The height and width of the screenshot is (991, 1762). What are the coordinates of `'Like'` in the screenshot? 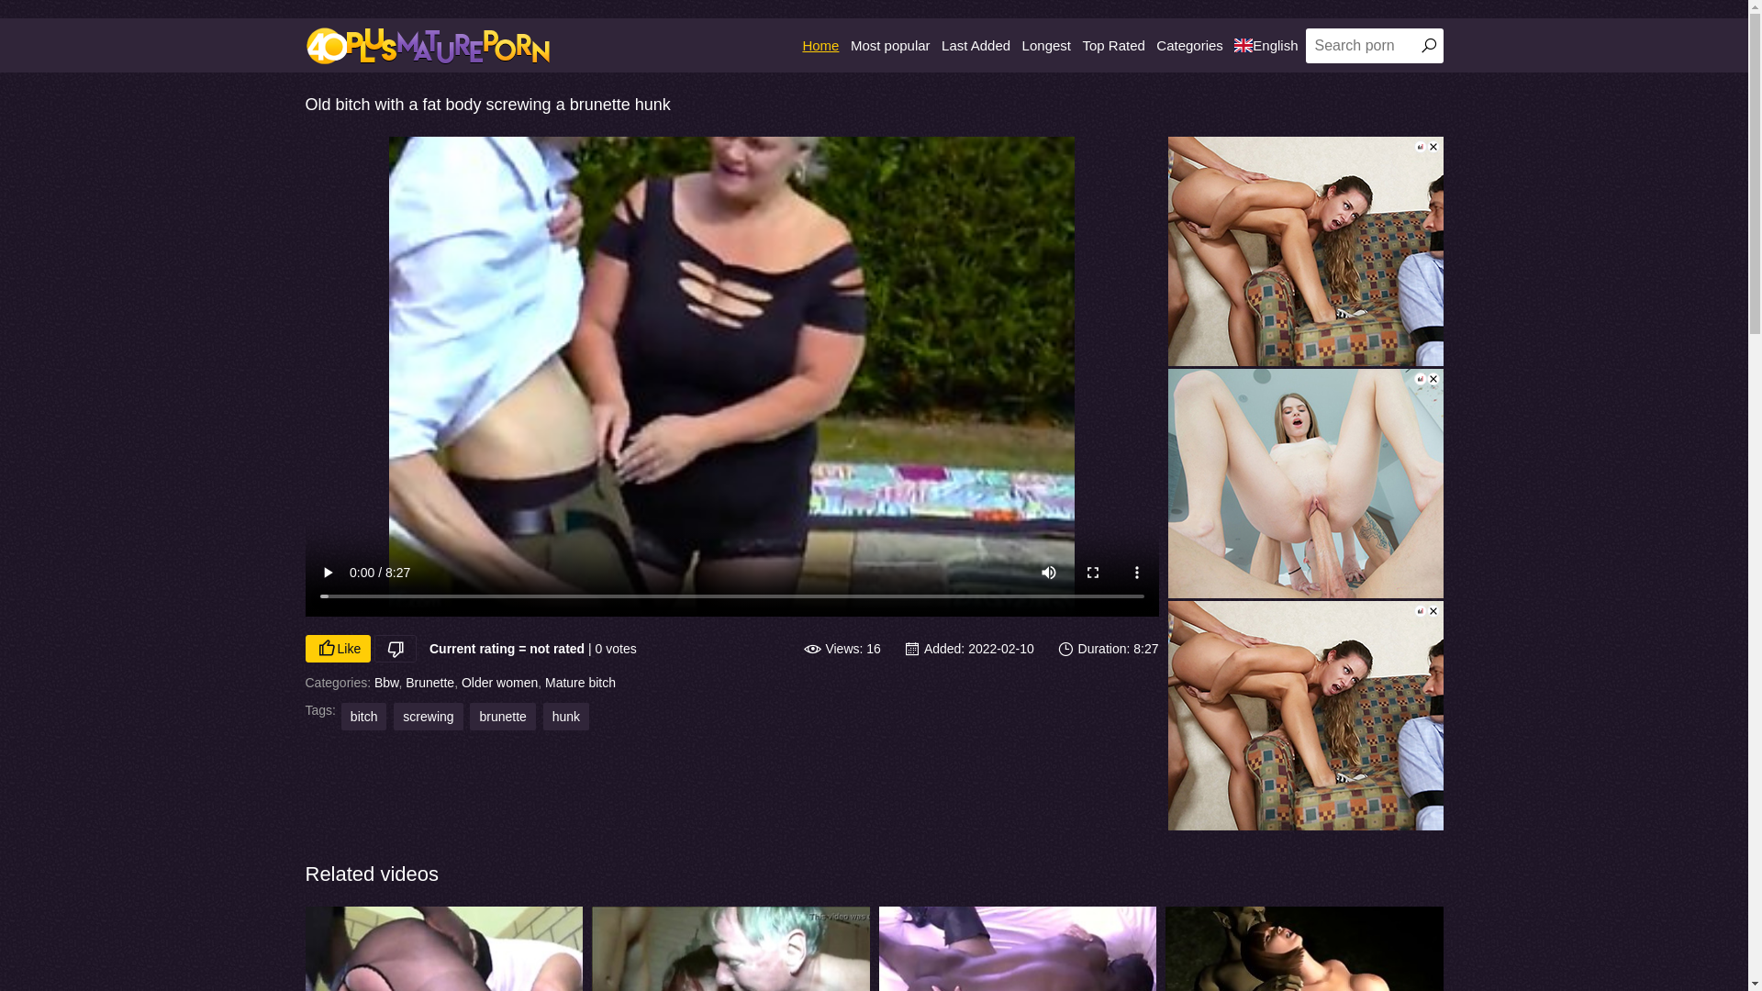 It's located at (338, 647).